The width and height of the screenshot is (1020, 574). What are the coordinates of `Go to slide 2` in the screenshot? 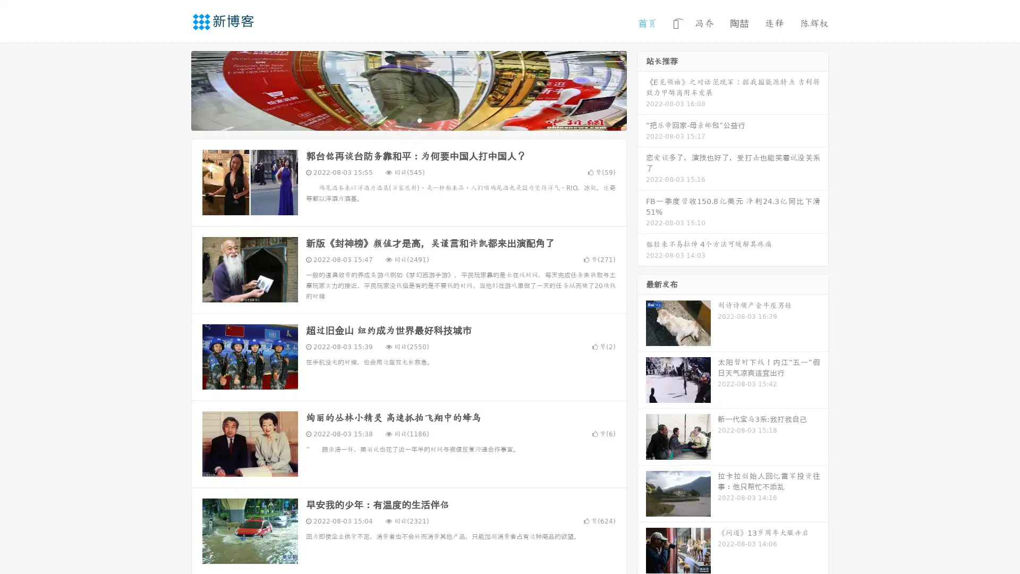 It's located at (408, 120).